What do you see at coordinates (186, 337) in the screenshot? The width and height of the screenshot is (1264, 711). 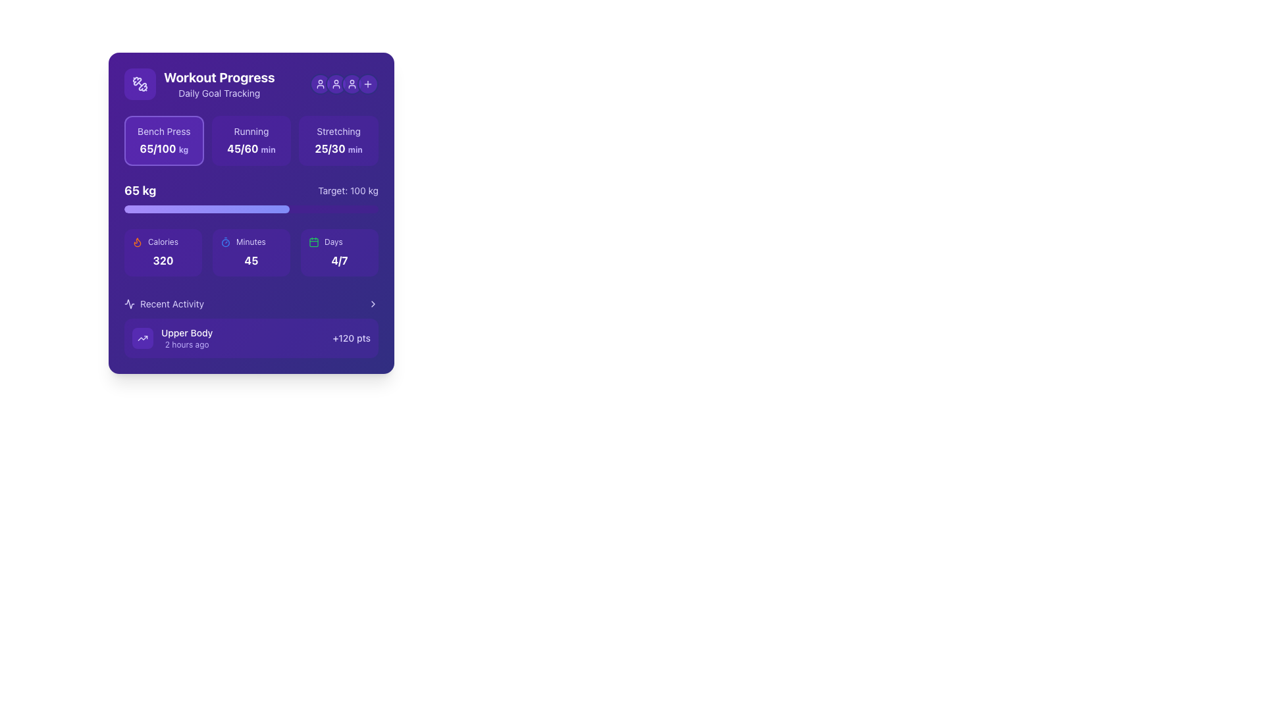 I see `text from the 'Upper Body' text block located in the 'Recent Activity' section of the purple panel` at bounding box center [186, 337].